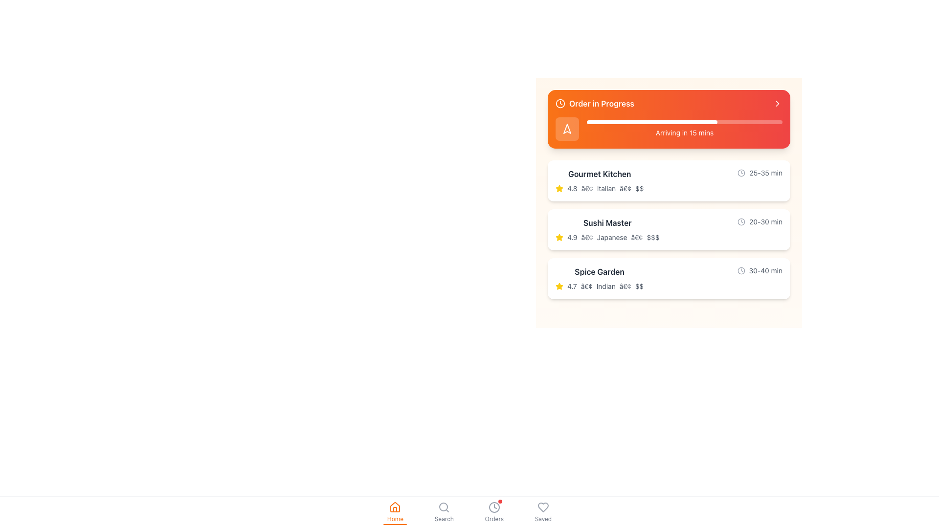  What do you see at coordinates (542, 512) in the screenshot?
I see `the heart-shaped icon button with a gray outline located above the text 'Saved', which is the rightmost element in the bottom bar of the interface` at bounding box center [542, 512].